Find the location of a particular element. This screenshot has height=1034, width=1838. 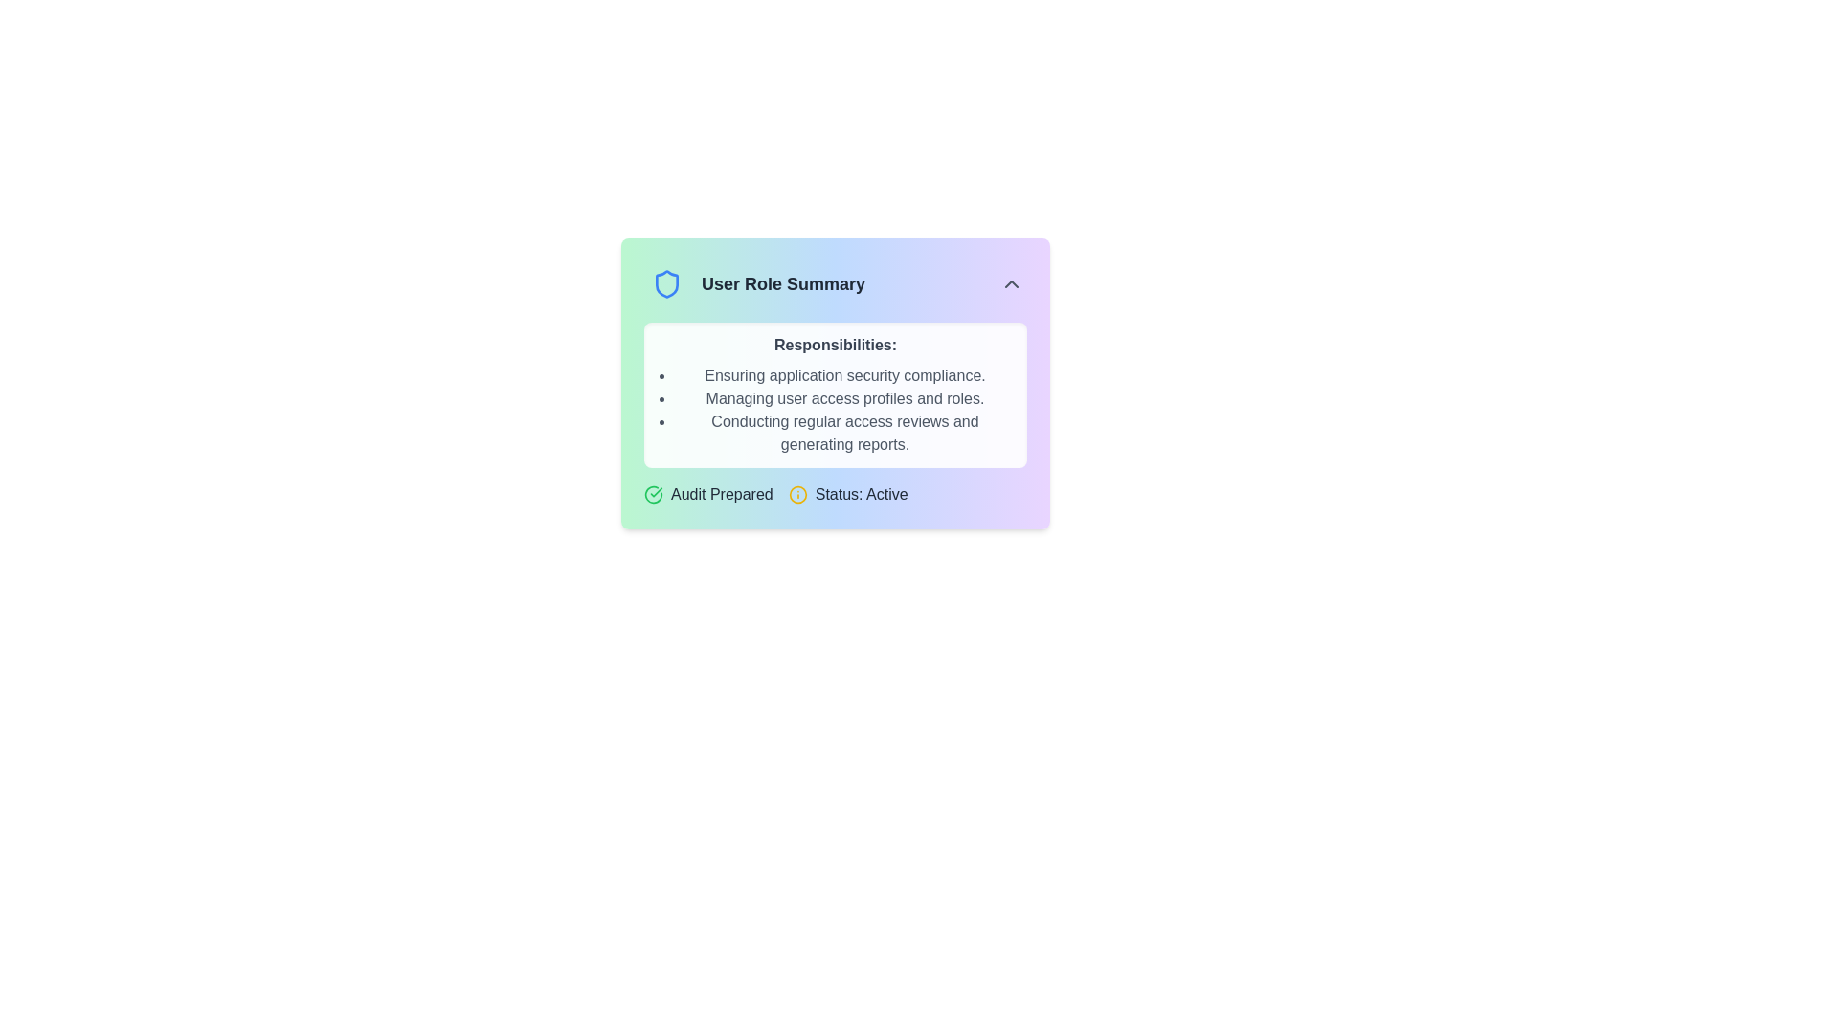

the bulleted list displaying responsibilities related to user role management is located at coordinates (836, 409).